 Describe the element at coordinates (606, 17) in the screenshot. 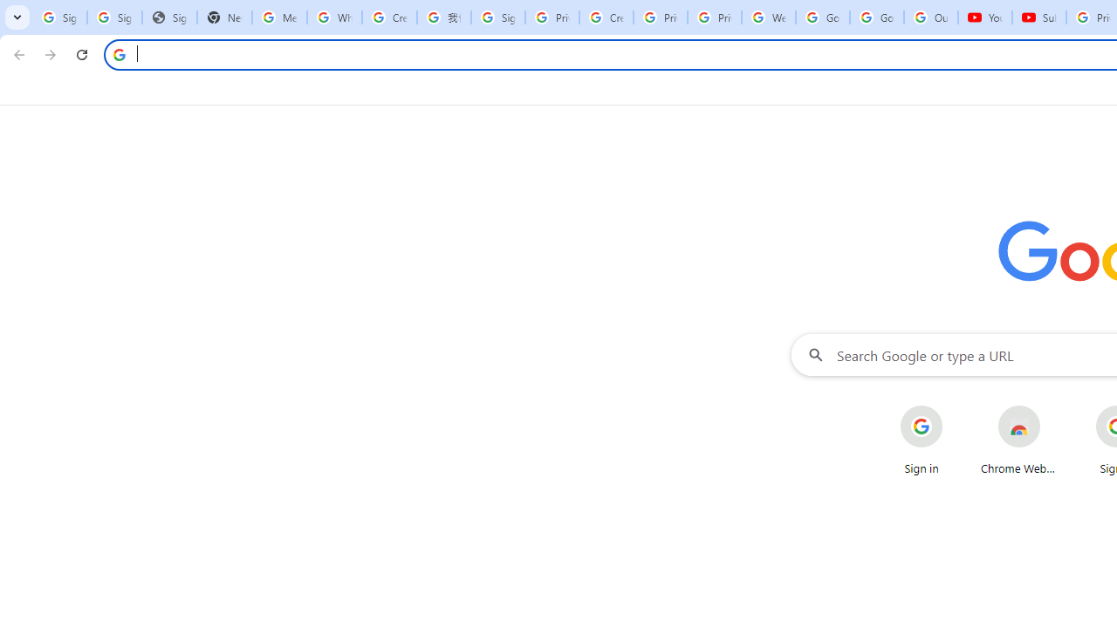

I see `'Create your Google Account'` at that location.